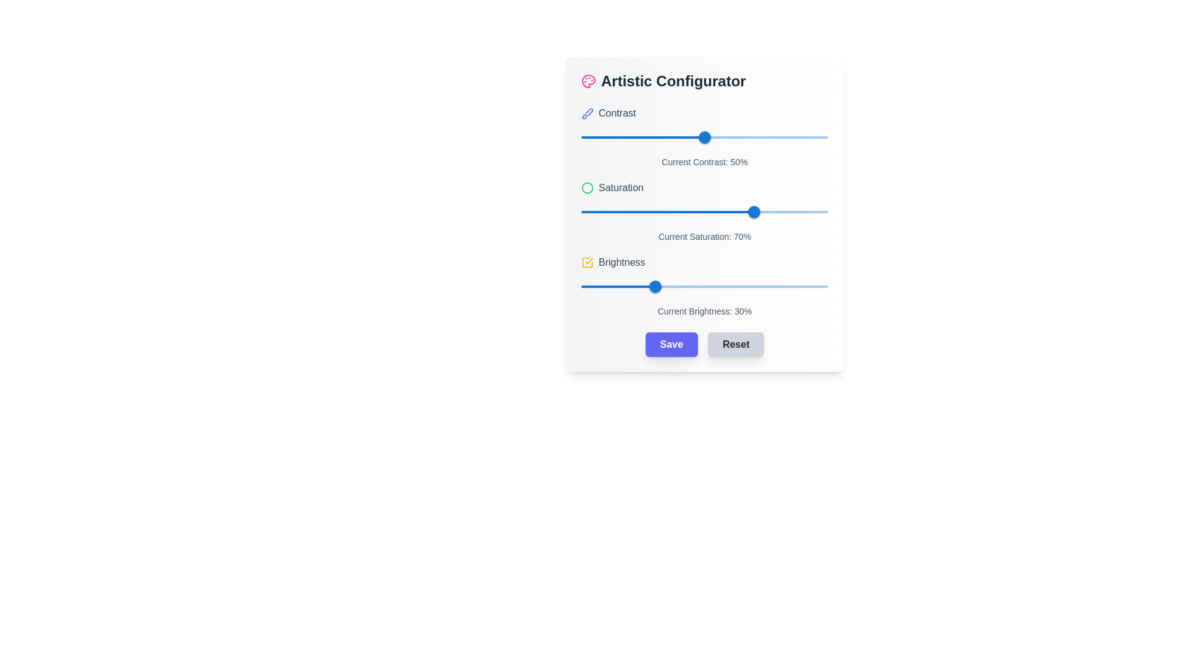  What do you see at coordinates (622, 261) in the screenshot?
I see `text label displaying 'Brightness' which is styled with a medium gray font and located adjacent to a yellow checkbox icon` at bounding box center [622, 261].